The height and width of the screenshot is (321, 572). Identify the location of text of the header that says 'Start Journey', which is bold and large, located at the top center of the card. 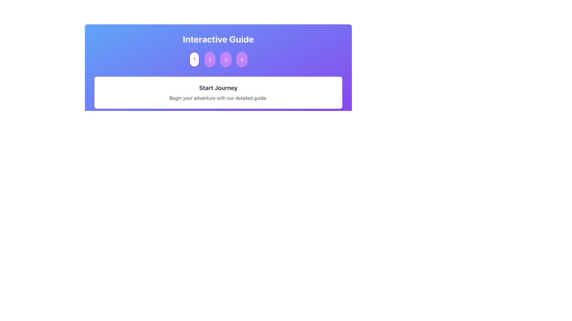
(218, 88).